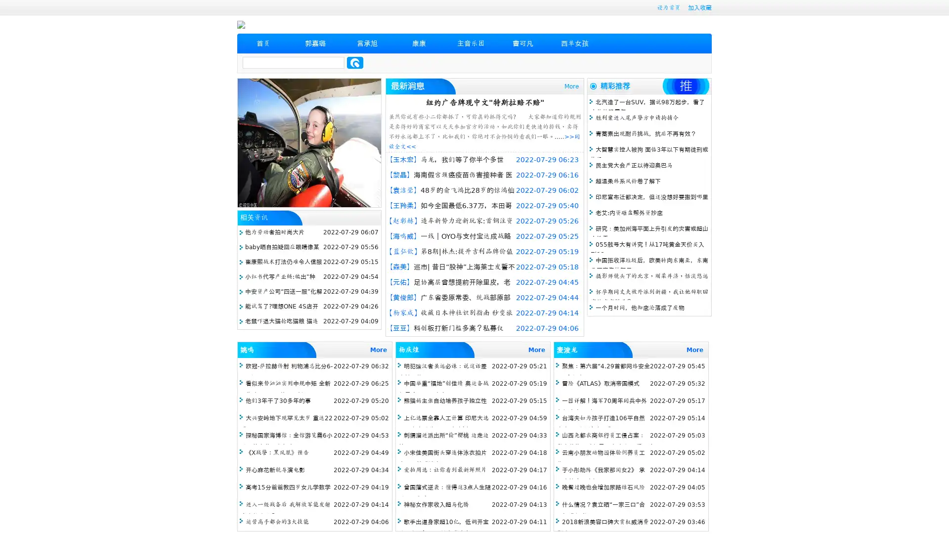 The image size is (949, 534). What do you see at coordinates (355, 63) in the screenshot?
I see `Search` at bounding box center [355, 63].